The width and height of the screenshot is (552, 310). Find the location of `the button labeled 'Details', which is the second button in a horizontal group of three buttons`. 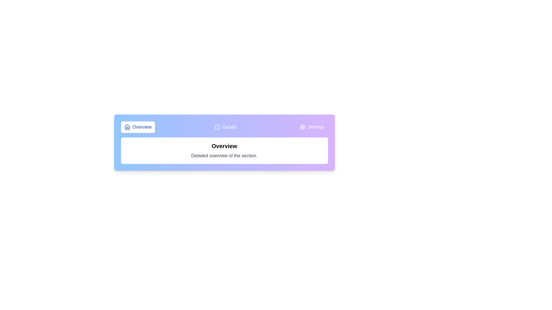

the button labeled 'Details', which is the second button in a horizontal group of three buttons is located at coordinates (225, 127).